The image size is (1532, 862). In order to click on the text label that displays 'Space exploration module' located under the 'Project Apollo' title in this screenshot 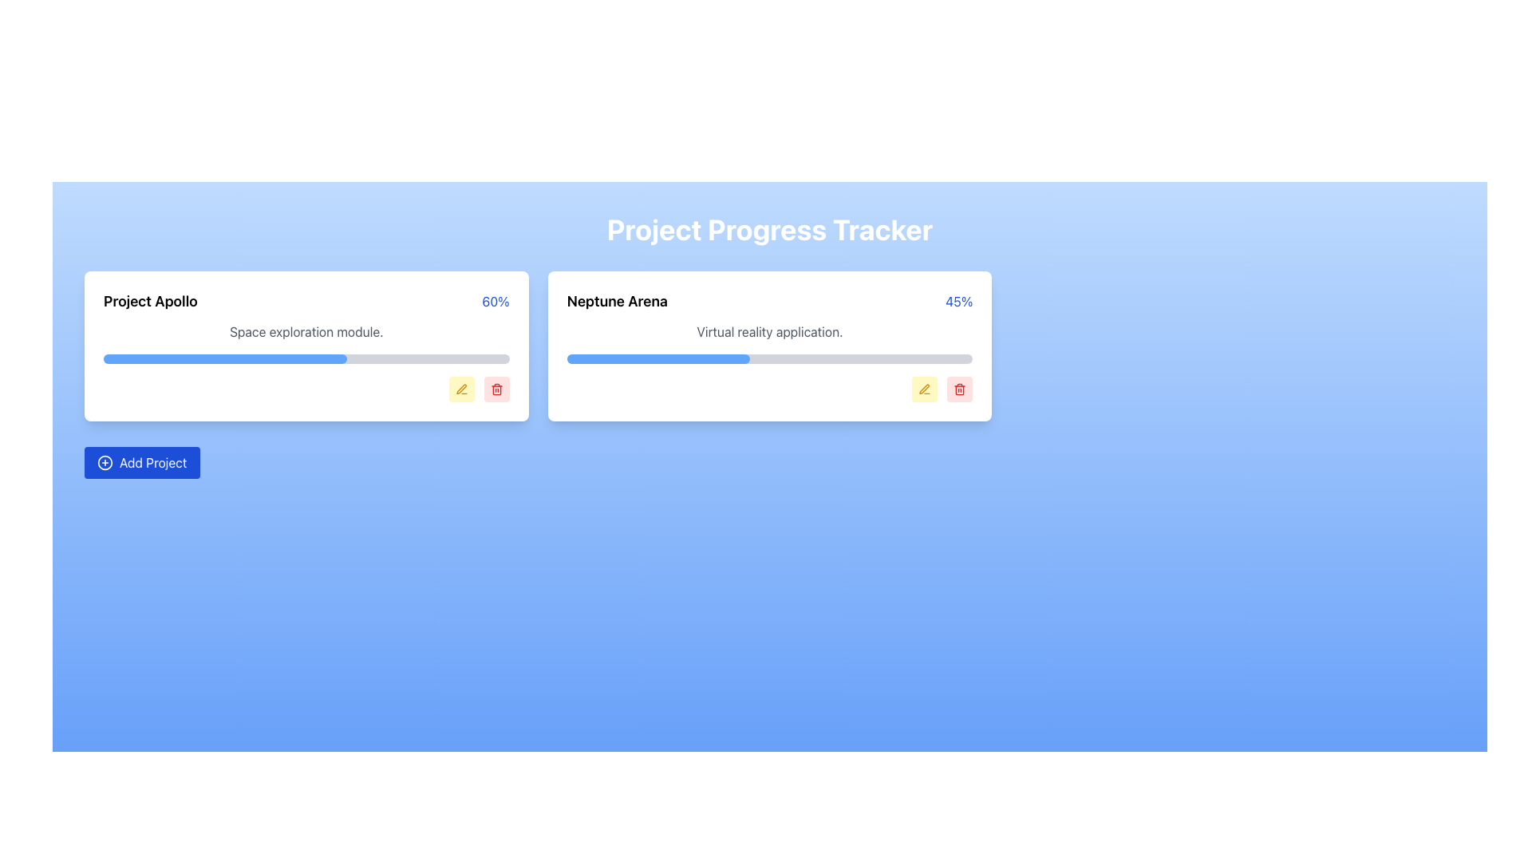, I will do `click(306, 331)`.